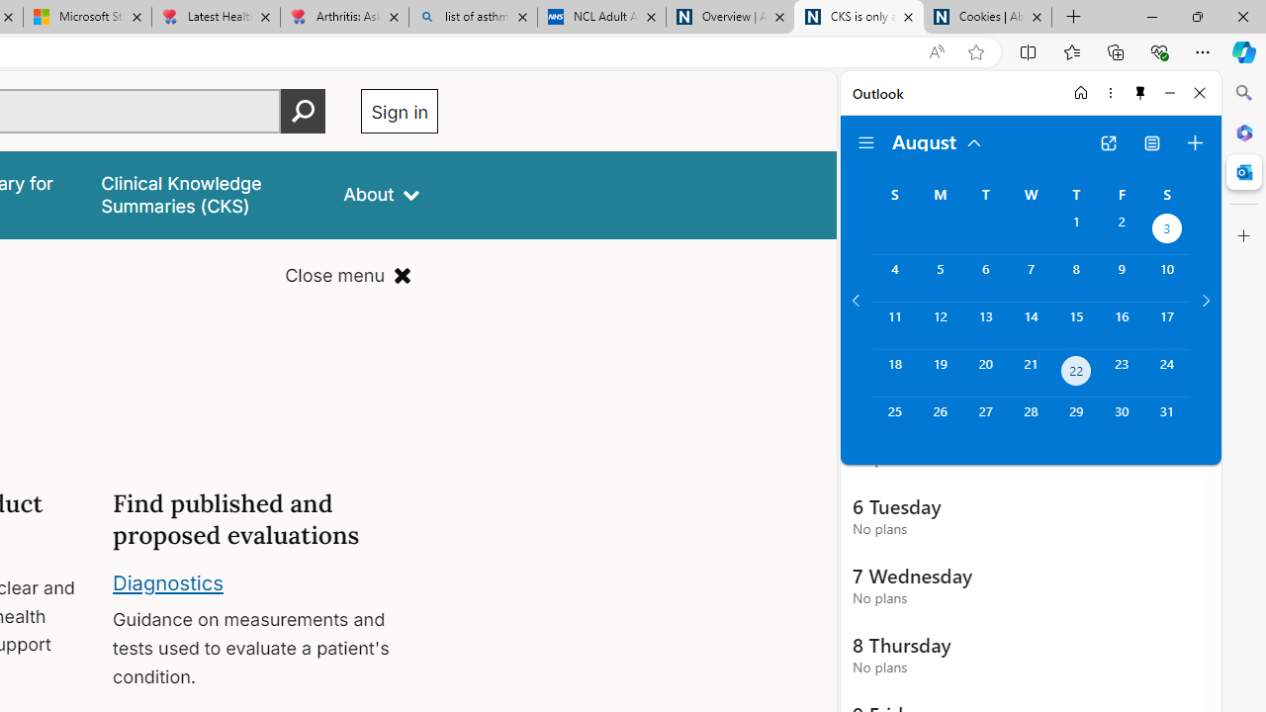 The width and height of the screenshot is (1266, 712). What do you see at coordinates (1122, 229) in the screenshot?
I see `'Friday, August 2, 2024. '` at bounding box center [1122, 229].